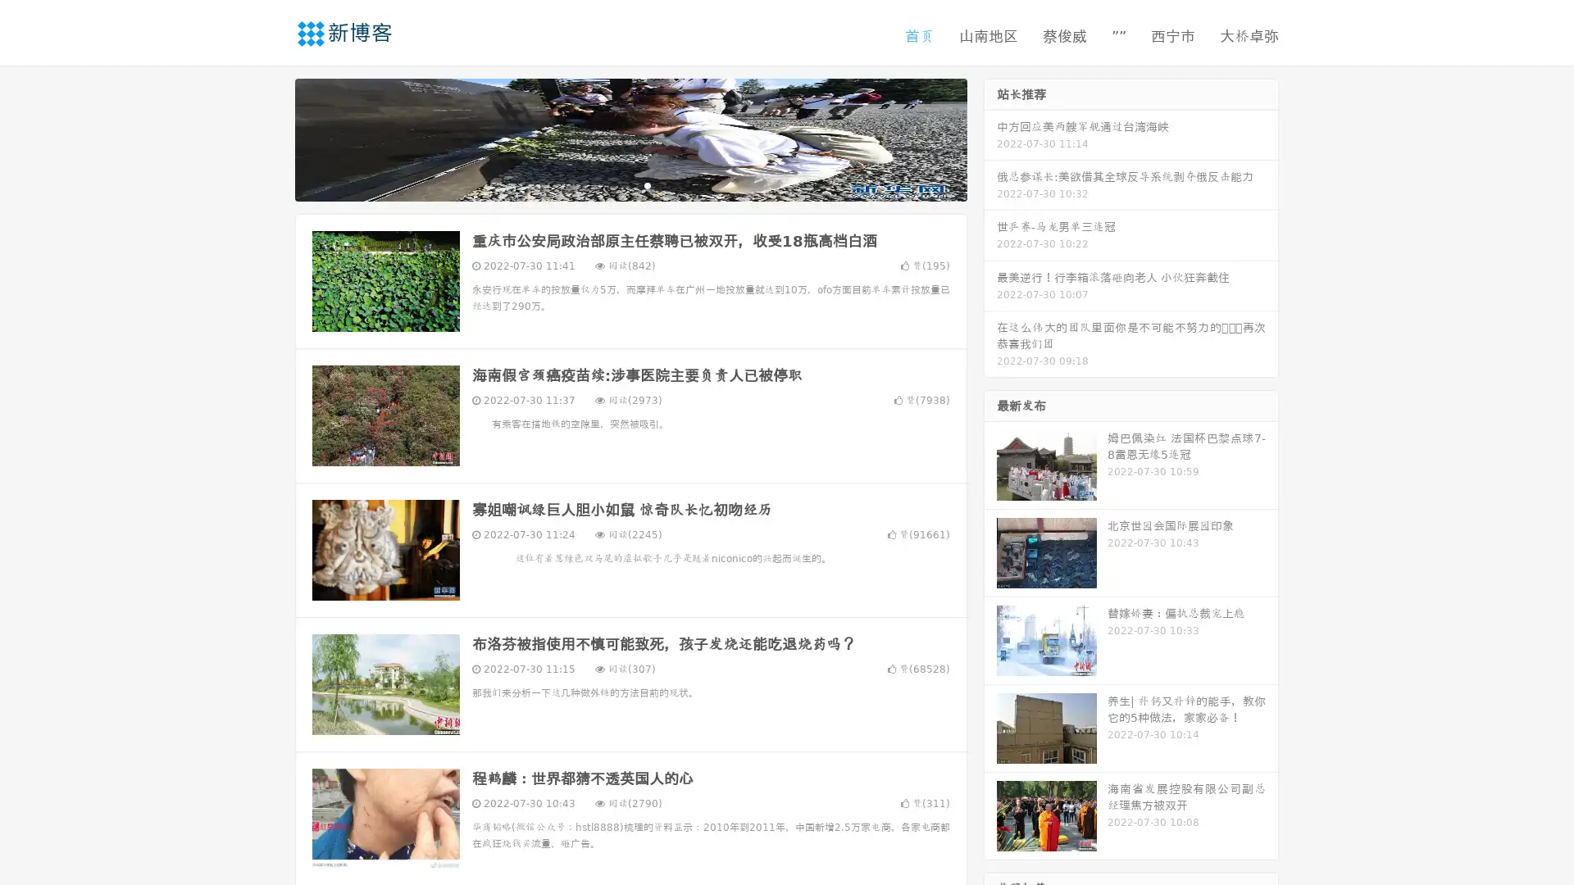 This screenshot has height=885, width=1574. Describe the element at coordinates (990, 138) in the screenshot. I see `Next slide` at that location.